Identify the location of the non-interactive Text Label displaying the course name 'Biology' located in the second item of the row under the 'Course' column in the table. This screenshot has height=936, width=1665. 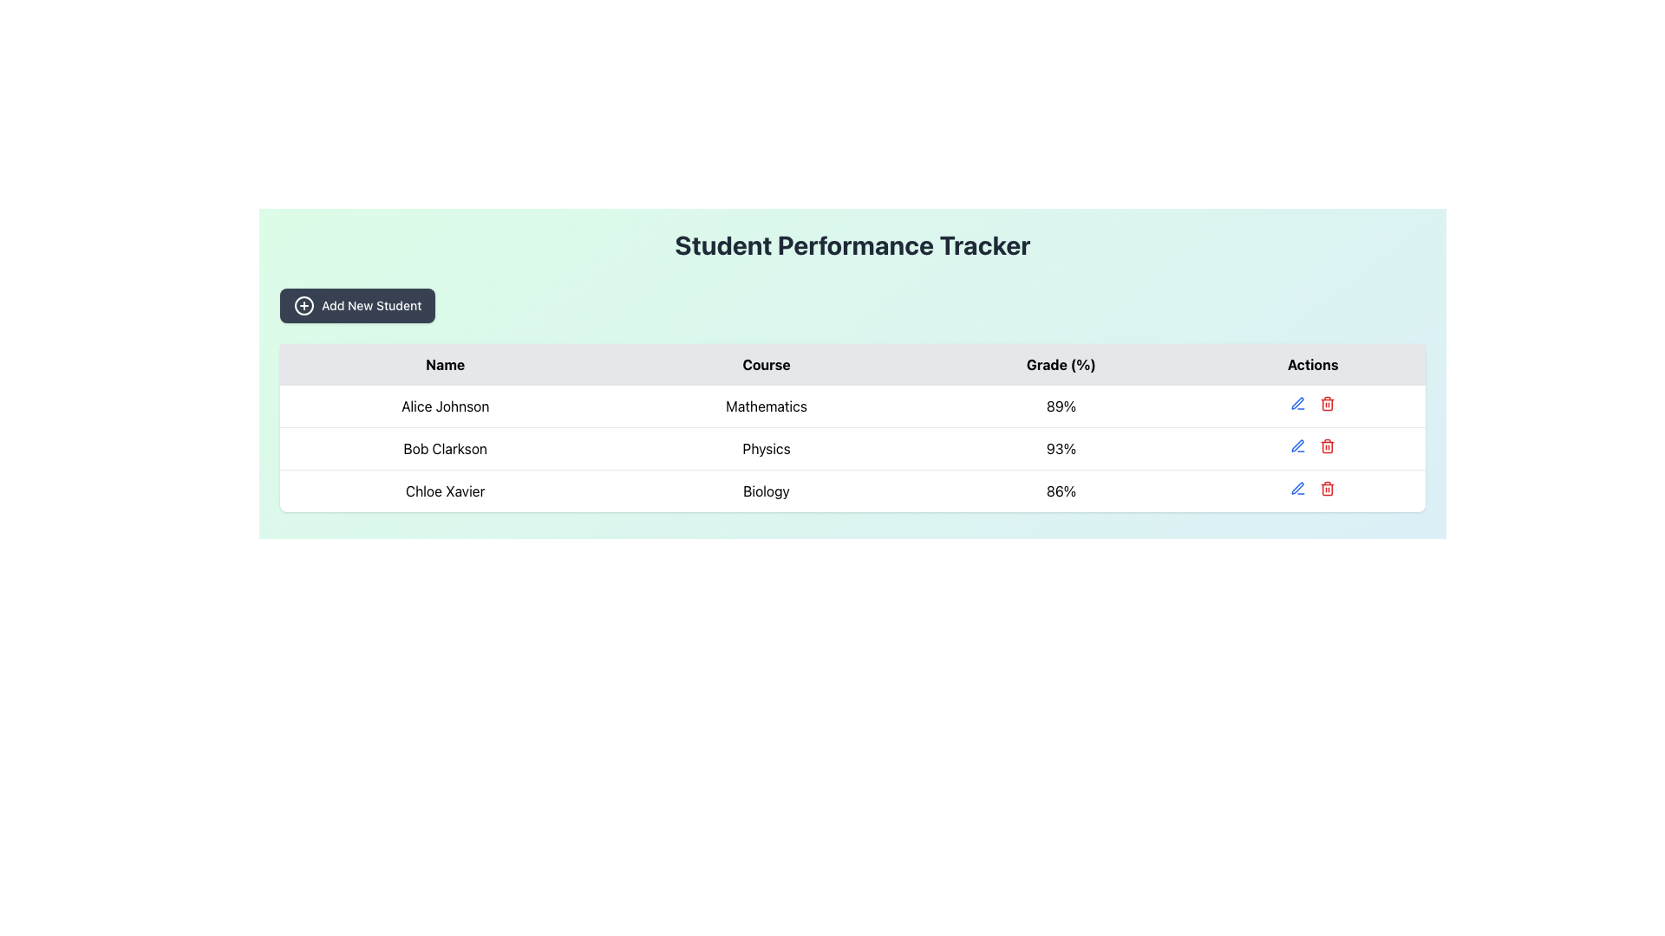
(765, 491).